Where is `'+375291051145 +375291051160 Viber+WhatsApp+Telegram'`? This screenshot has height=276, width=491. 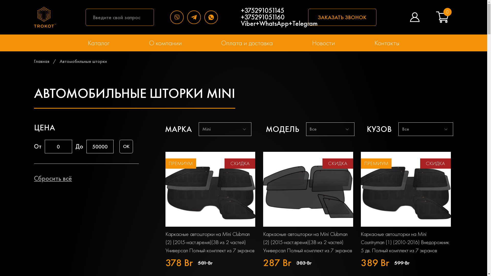
'+375291051145 +375291051160 Viber+WhatsApp+Telegram' is located at coordinates (279, 17).